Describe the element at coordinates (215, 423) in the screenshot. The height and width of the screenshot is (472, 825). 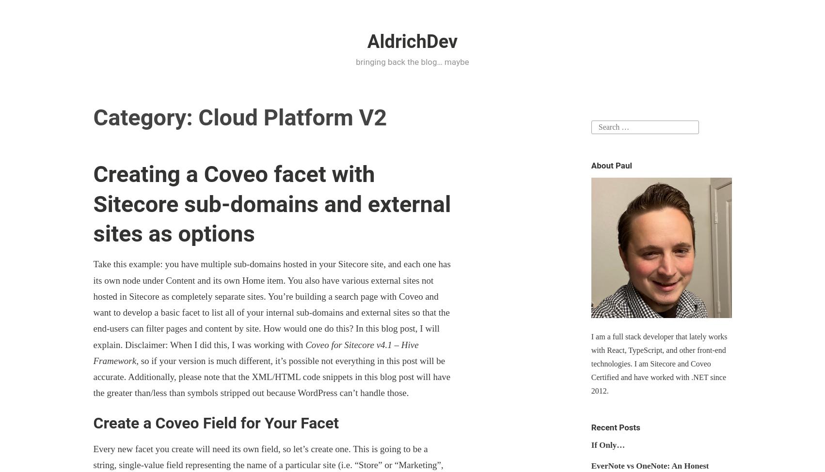
I see `'Create a Coveo Field for Your Facet'` at that location.